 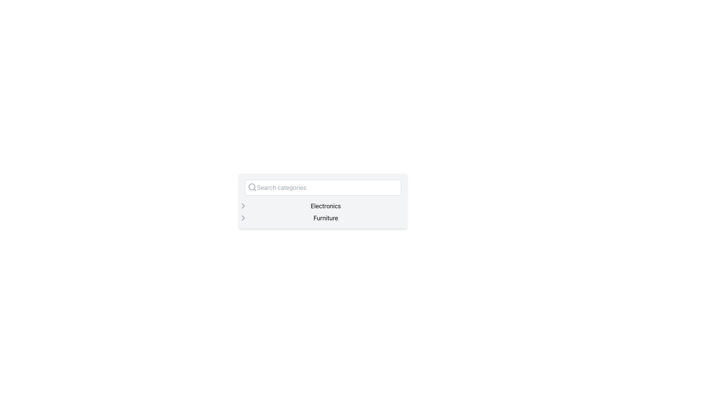 What do you see at coordinates (243, 206) in the screenshot?
I see `the chevron icon pointing to the right` at bounding box center [243, 206].